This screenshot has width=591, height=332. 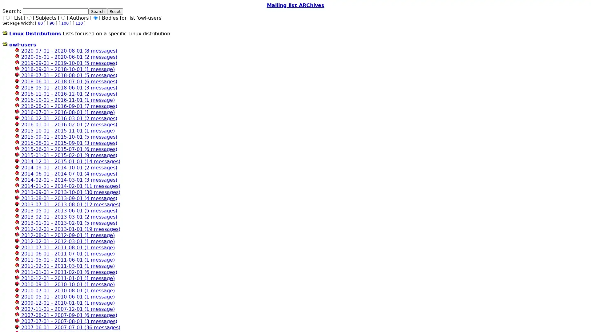 What do you see at coordinates (115, 11) in the screenshot?
I see `Reset` at bounding box center [115, 11].